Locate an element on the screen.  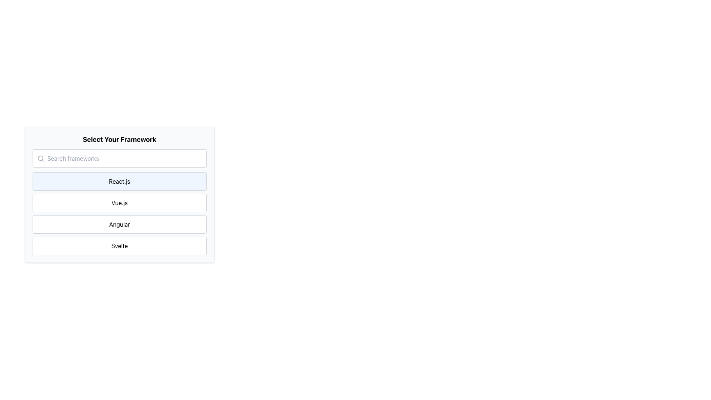
text displayed in the bold, large-font heading that says 'Select Your Framework', which is prominently placed at the top of the panel is located at coordinates (119, 140).